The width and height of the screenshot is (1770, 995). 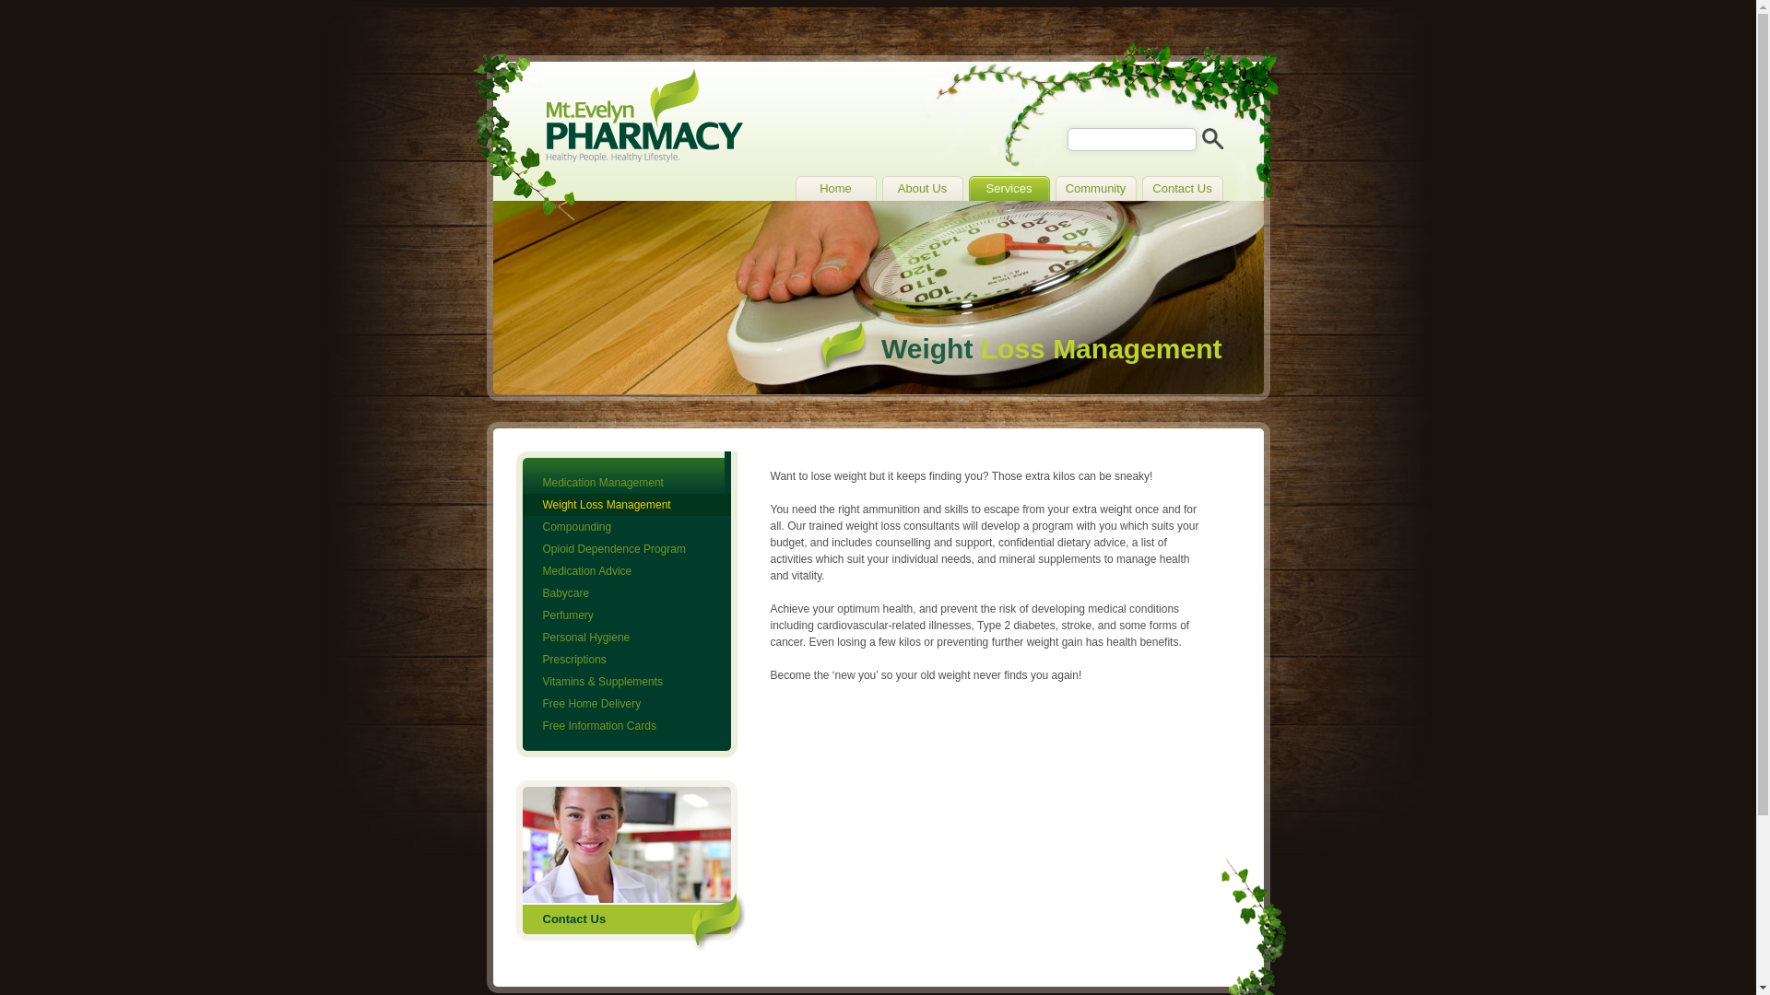 I want to click on 'Free Information Cards', so click(x=625, y=724).